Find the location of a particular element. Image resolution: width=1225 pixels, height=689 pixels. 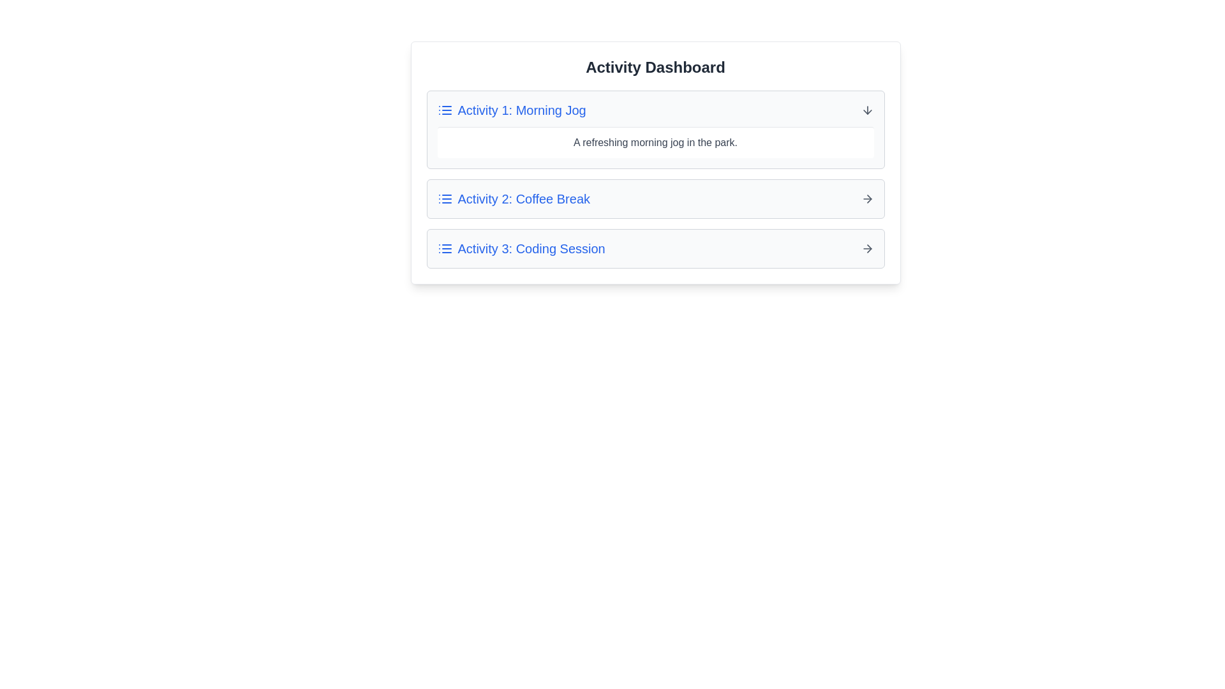

the activity title Activity 3: Coding Session to expand or collapse its details is located at coordinates (521, 248).